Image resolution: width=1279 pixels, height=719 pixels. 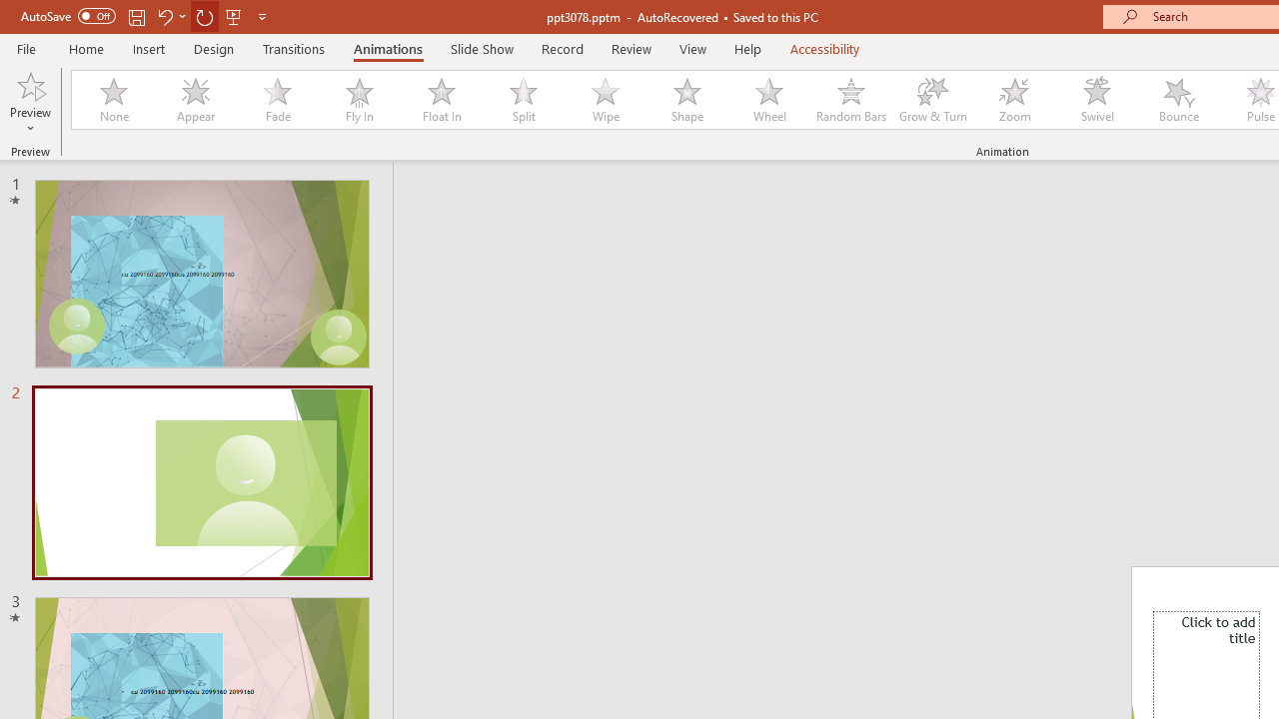 I want to click on 'Float In', so click(x=440, y=100).